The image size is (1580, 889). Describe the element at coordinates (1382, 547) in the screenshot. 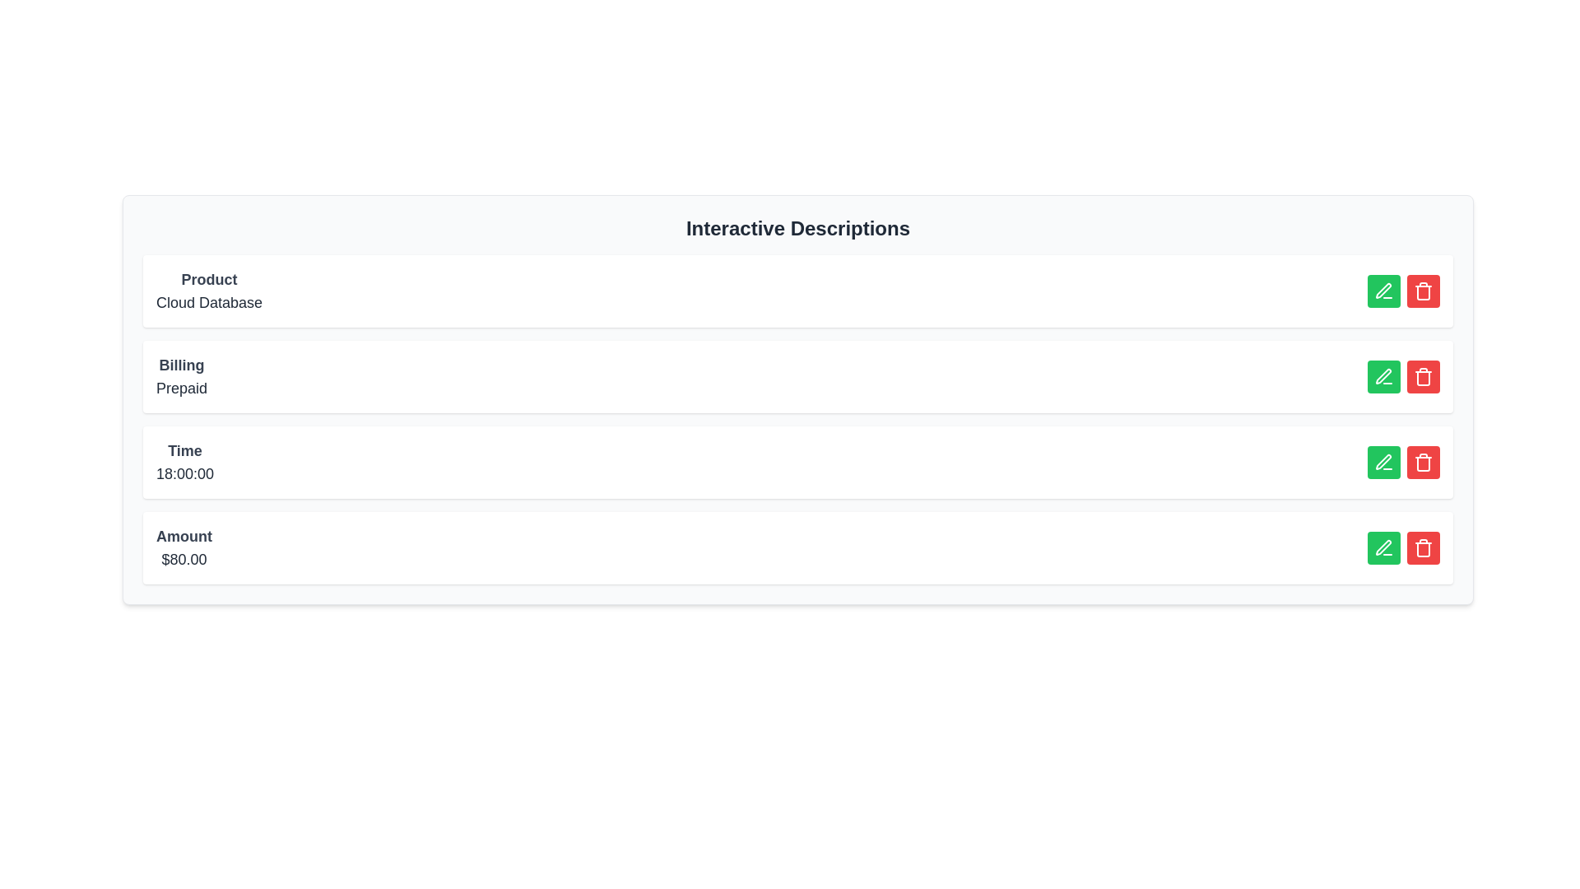

I see `the pen icon located at the bottom-most row of the interactive descriptions interface, to the far right within the same row as the 'Amount' label and value to initiate an edit action` at that location.